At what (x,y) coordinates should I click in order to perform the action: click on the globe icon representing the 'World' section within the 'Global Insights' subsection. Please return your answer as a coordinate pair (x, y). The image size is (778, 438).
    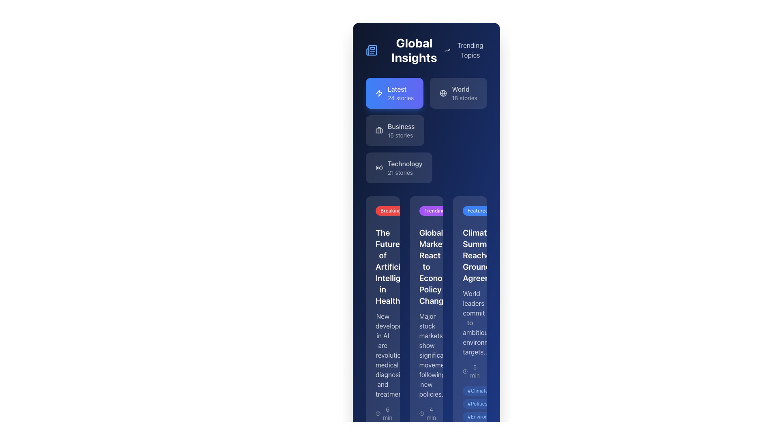
    Looking at the image, I should click on (443, 93).